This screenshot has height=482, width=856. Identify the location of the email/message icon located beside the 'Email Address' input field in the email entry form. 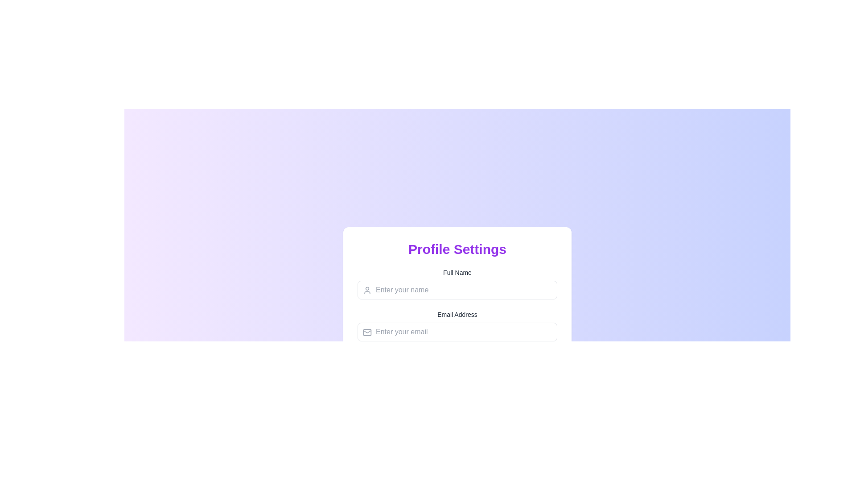
(367, 332).